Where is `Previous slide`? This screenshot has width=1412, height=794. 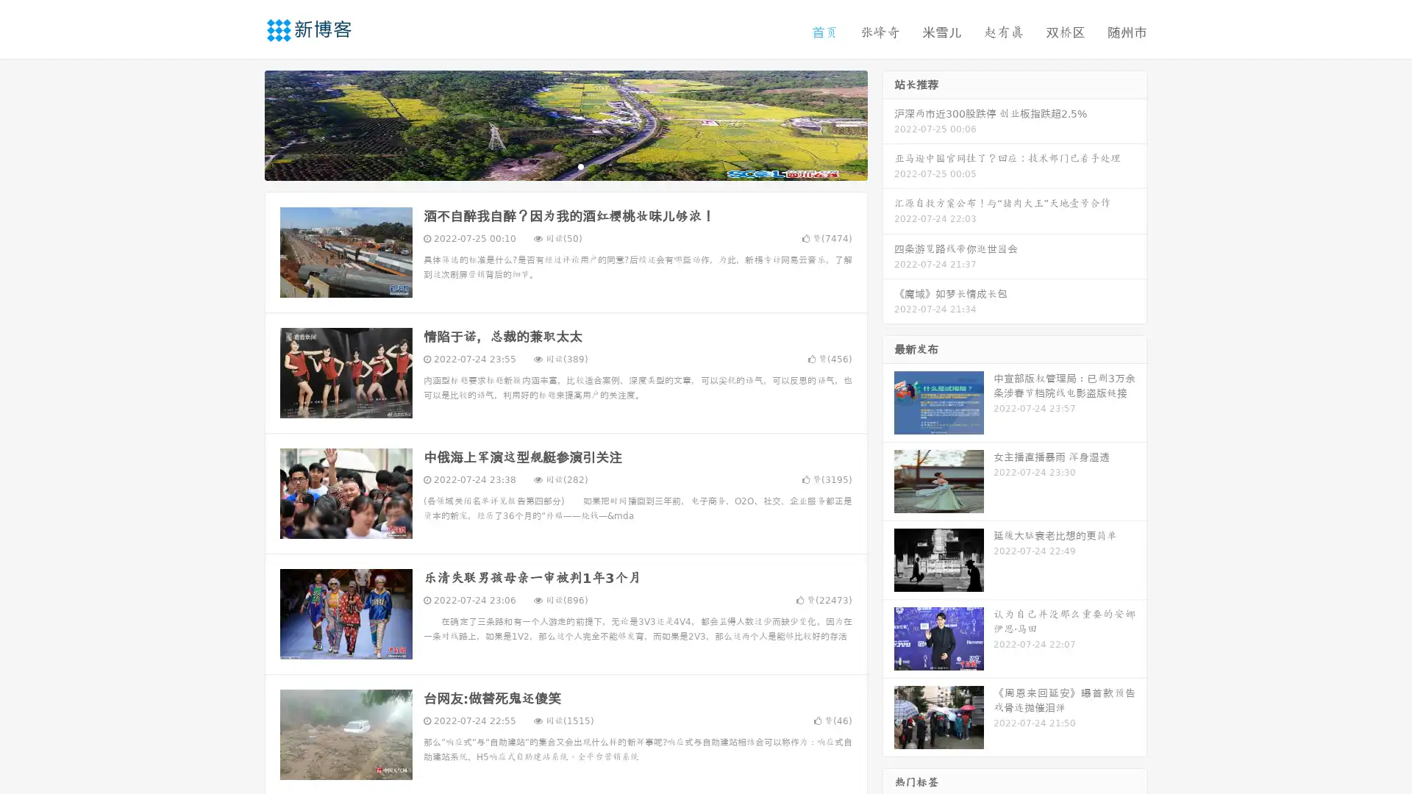 Previous slide is located at coordinates (243, 124).